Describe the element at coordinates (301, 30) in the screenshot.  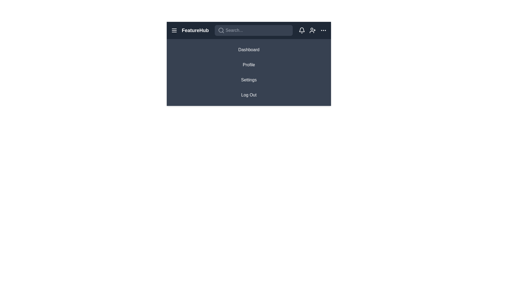
I see `the bell icon in the navigation bar` at that location.